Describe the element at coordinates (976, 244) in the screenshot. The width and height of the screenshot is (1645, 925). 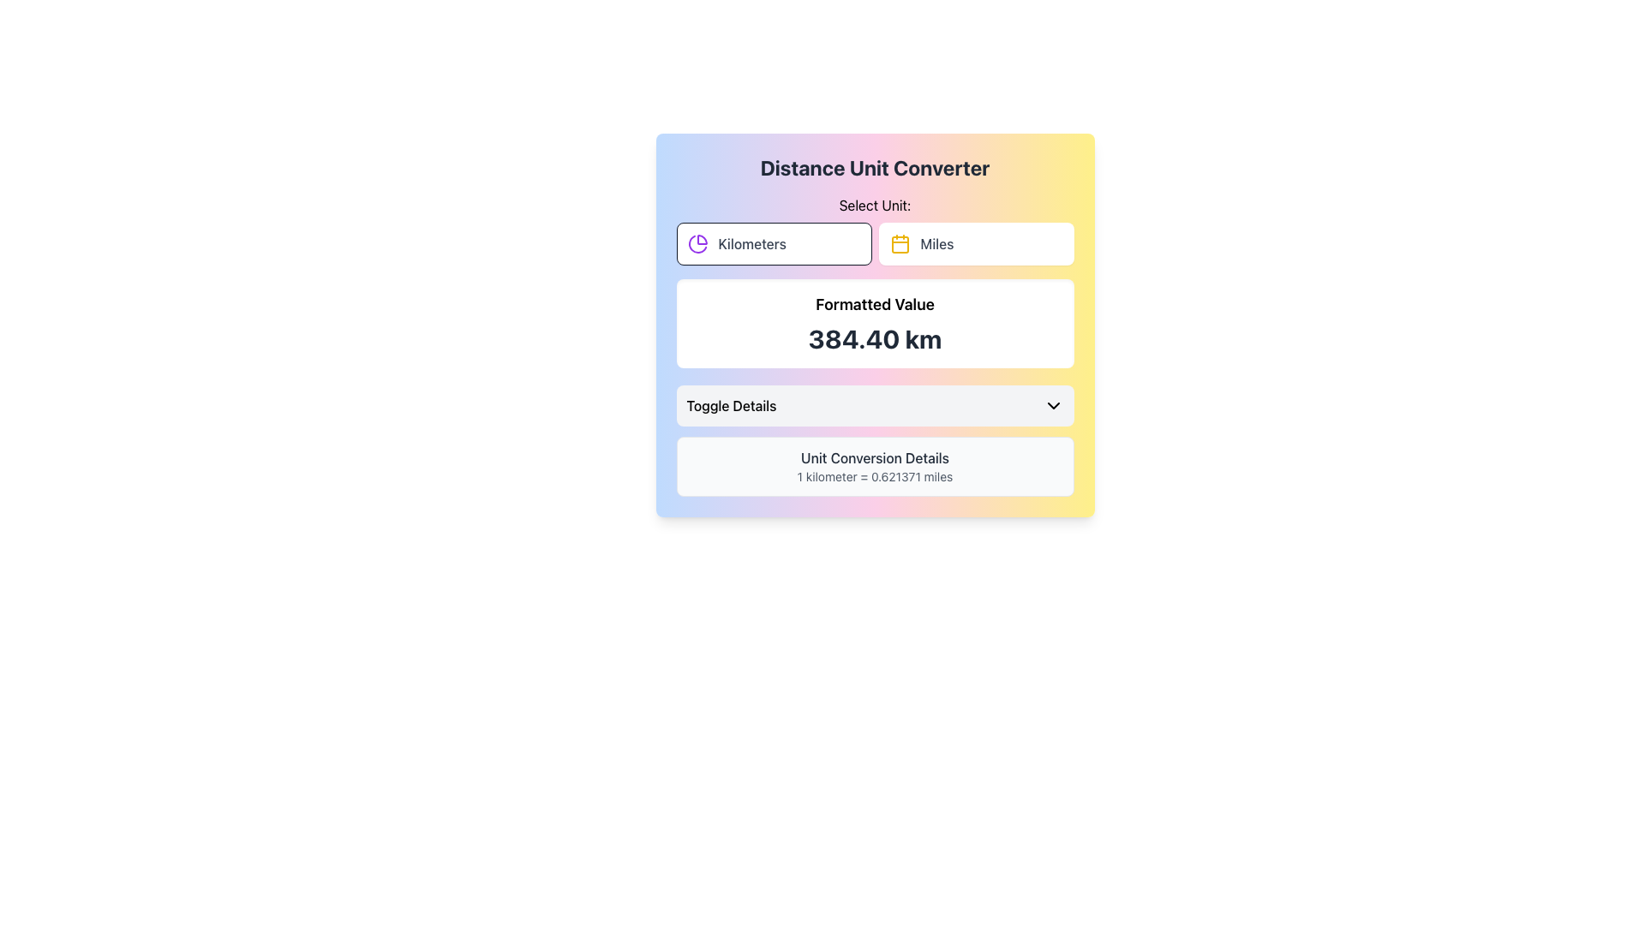
I see `the 'Miles' button in the 'Distance Unit Converter' tool` at that location.